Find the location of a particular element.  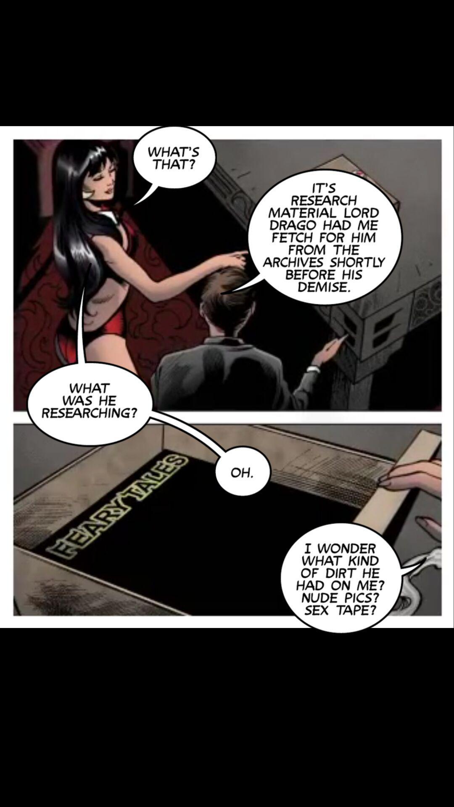

story is located at coordinates (311, 237).